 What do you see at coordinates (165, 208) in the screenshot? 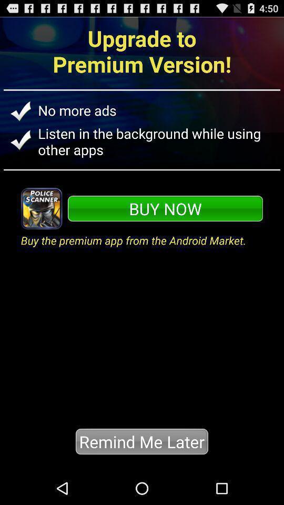
I see `the buy now` at bounding box center [165, 208].